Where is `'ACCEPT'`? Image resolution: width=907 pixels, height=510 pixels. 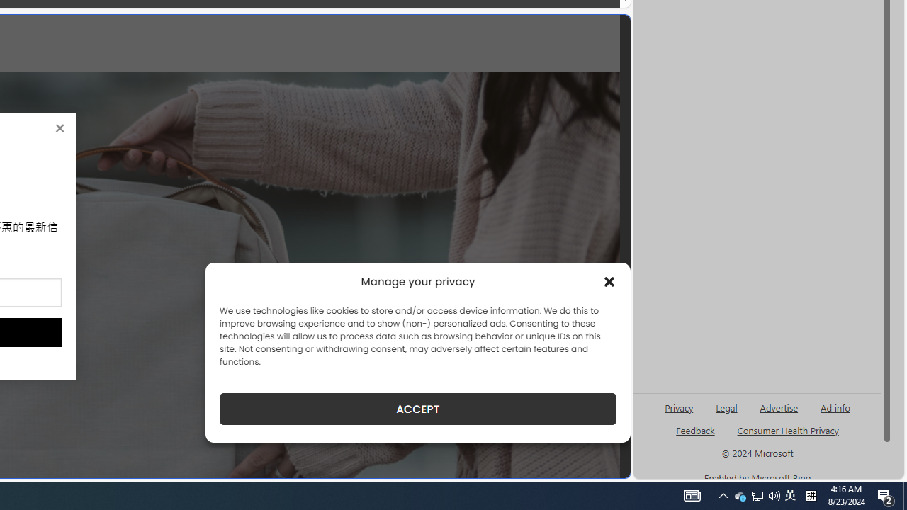 'ACCEPT' is located at coordinates (417, 409).